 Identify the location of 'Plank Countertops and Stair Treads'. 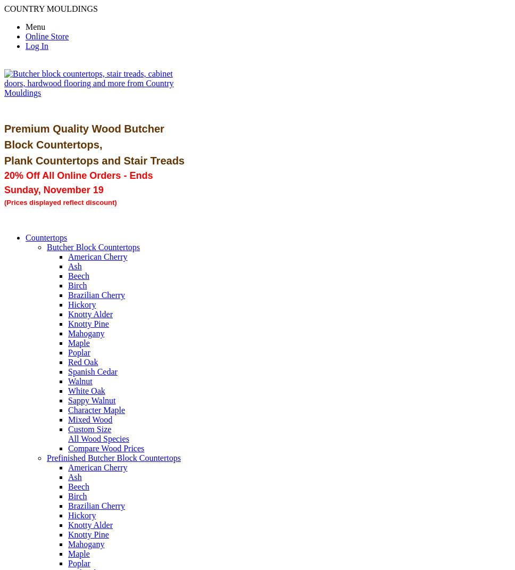
(94, 161).